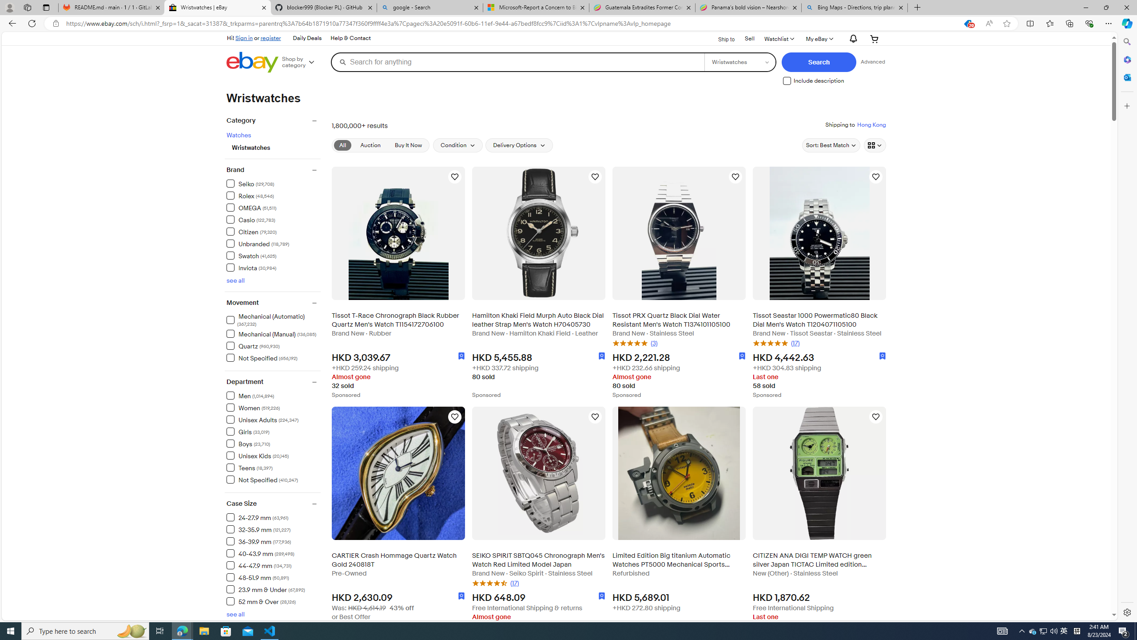 The width and height of the screenshot is (1137, 640). I want to click on 'Boys (23,710) Items', so click(248, 443).